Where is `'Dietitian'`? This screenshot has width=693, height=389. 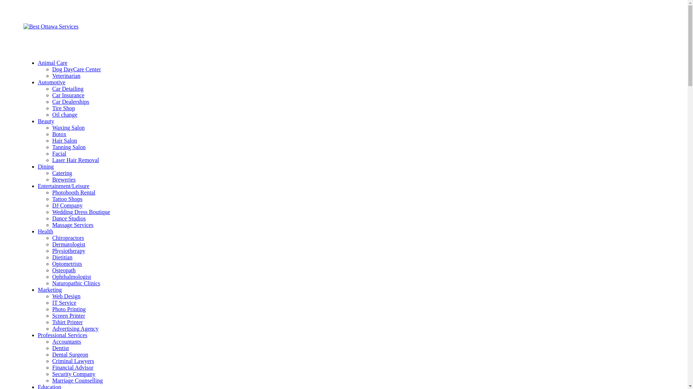 'Dietitian' is located at coordinates (62, 257).